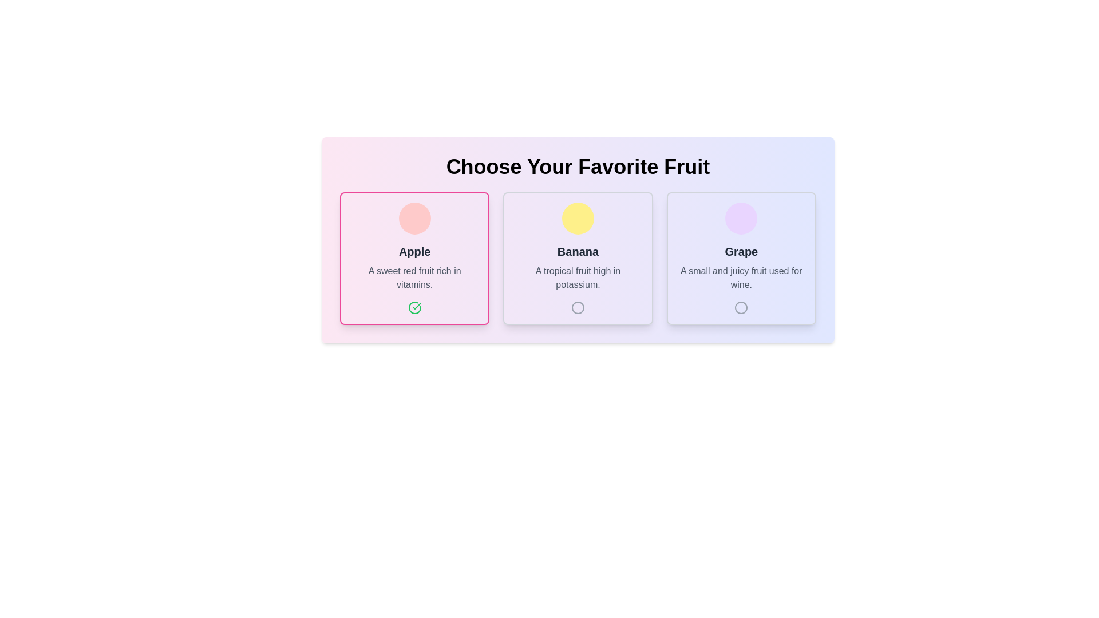  Describe the element at coordinates (414, 307) in the screenshot. I see `the visual indicator icon for the selected 'Apple' option located at the bottom of the 'Apple' card` at that location.